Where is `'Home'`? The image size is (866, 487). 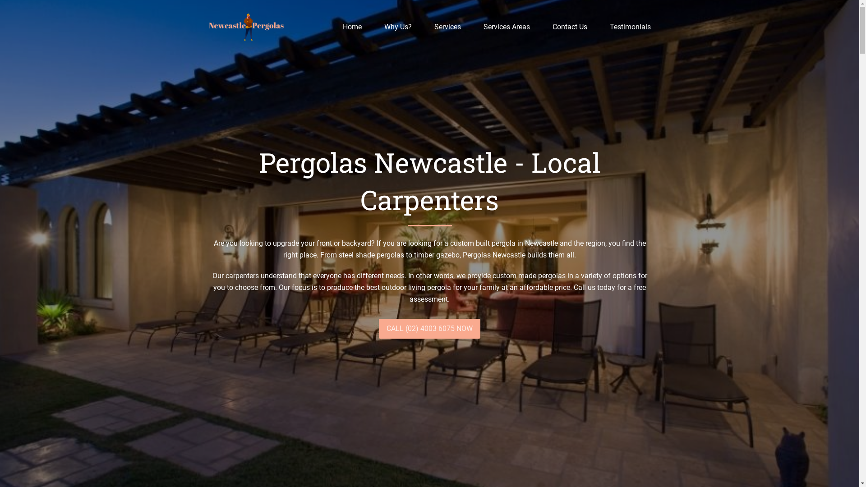 'Home' is located at coordinates (351, 27).